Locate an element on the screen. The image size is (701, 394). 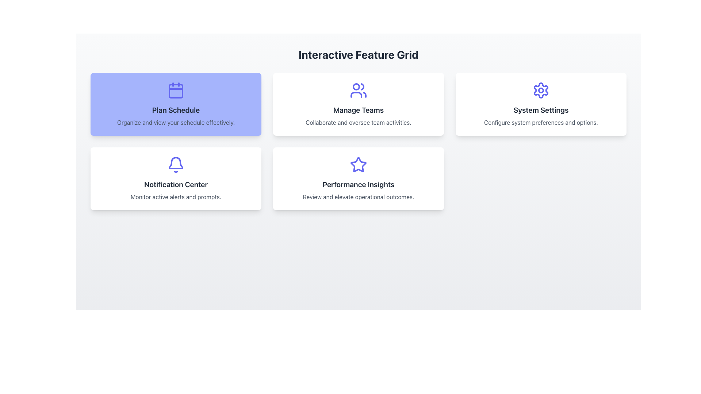
the 'Manage Teams' icon located at the top-right section of the 'Manage Teams' card, which is part of the grid layout of features is located at coordinates (359, 90).